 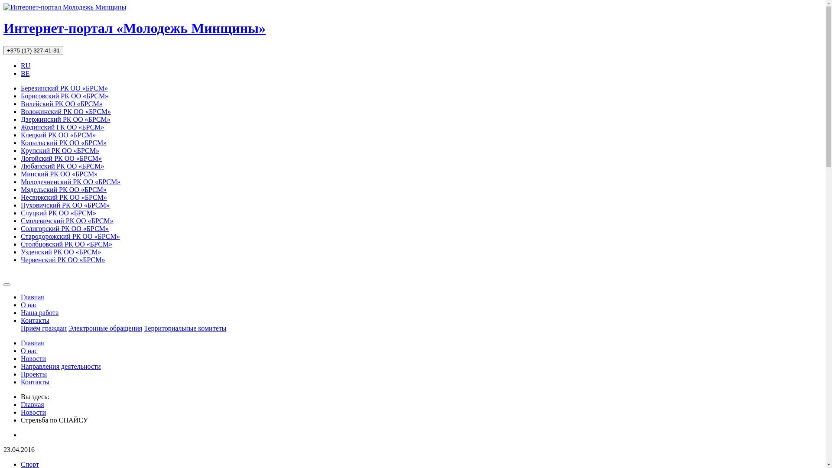 I want to click on '+375 (17) 327-41-31', so click(x=33, y=50).